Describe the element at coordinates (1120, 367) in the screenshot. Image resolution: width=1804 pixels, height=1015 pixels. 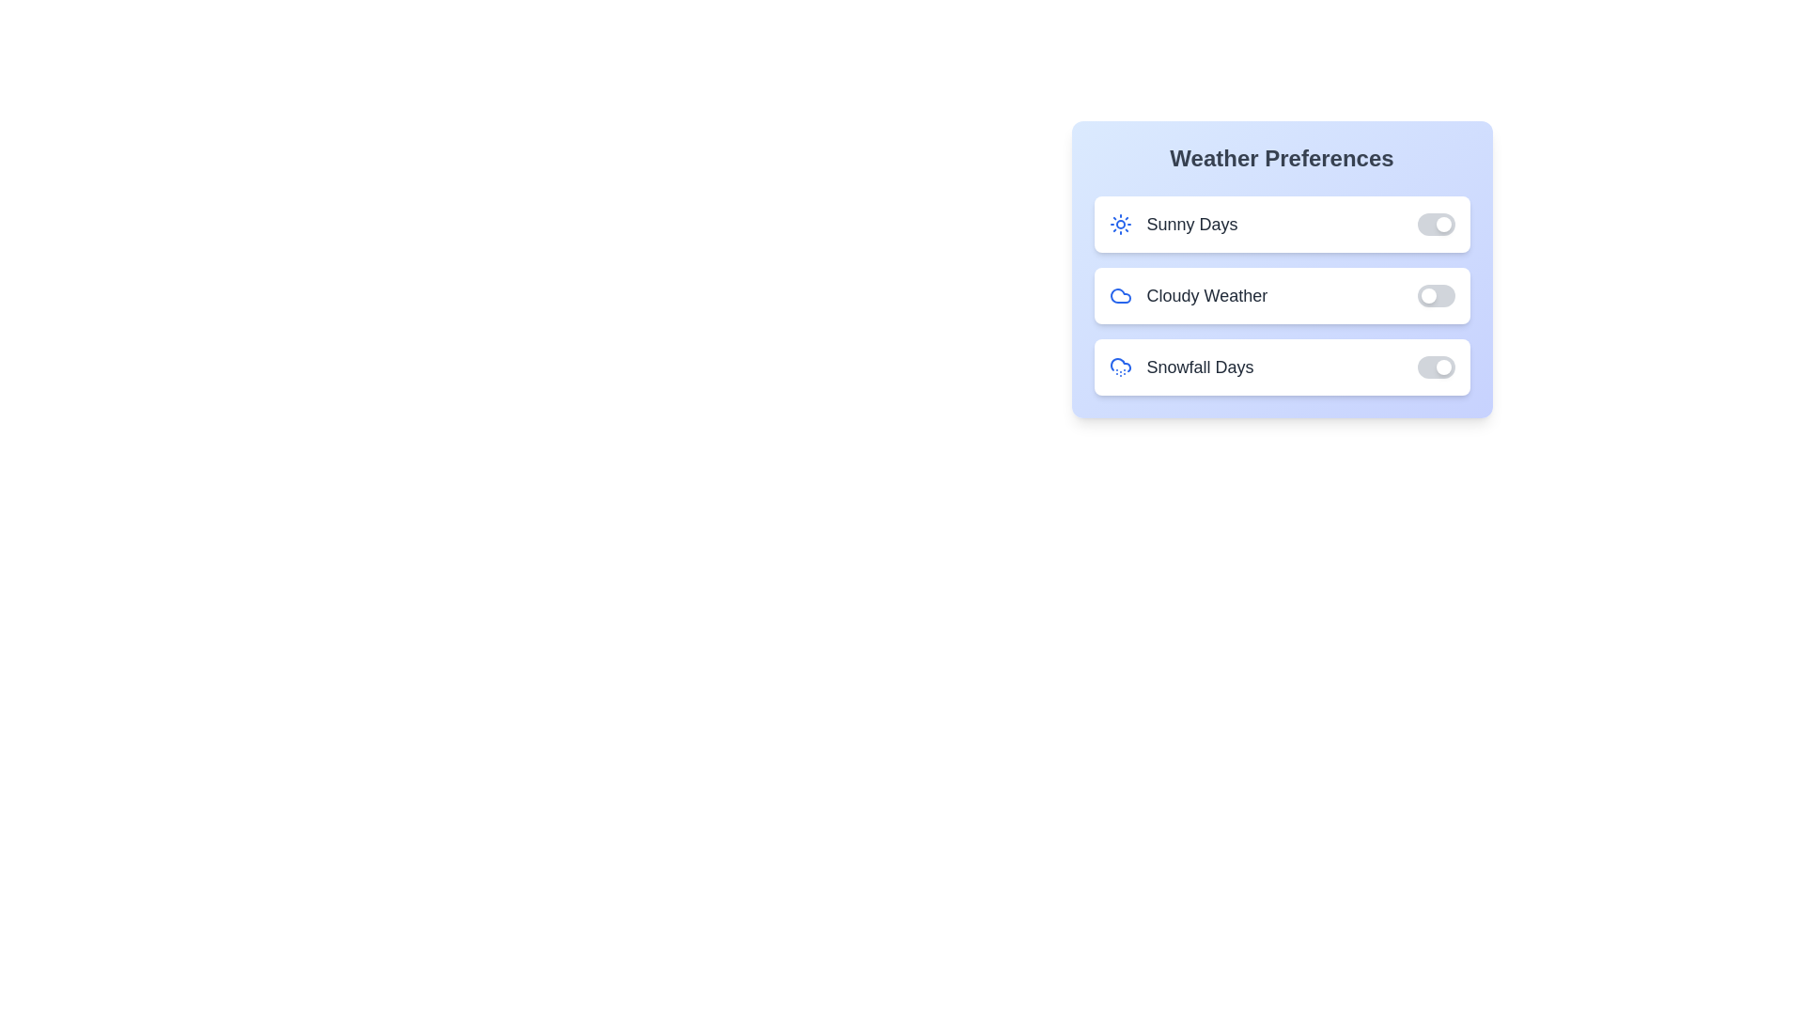
I see `the icon for Snowfall Days to provide detailed information` at that location.